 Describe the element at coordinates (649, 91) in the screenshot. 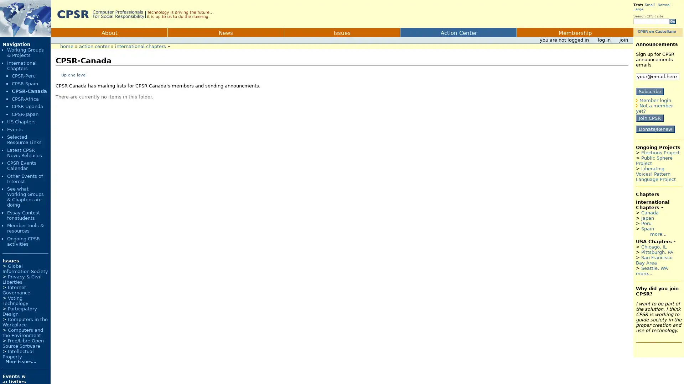

I see `Subscribe` at that location.